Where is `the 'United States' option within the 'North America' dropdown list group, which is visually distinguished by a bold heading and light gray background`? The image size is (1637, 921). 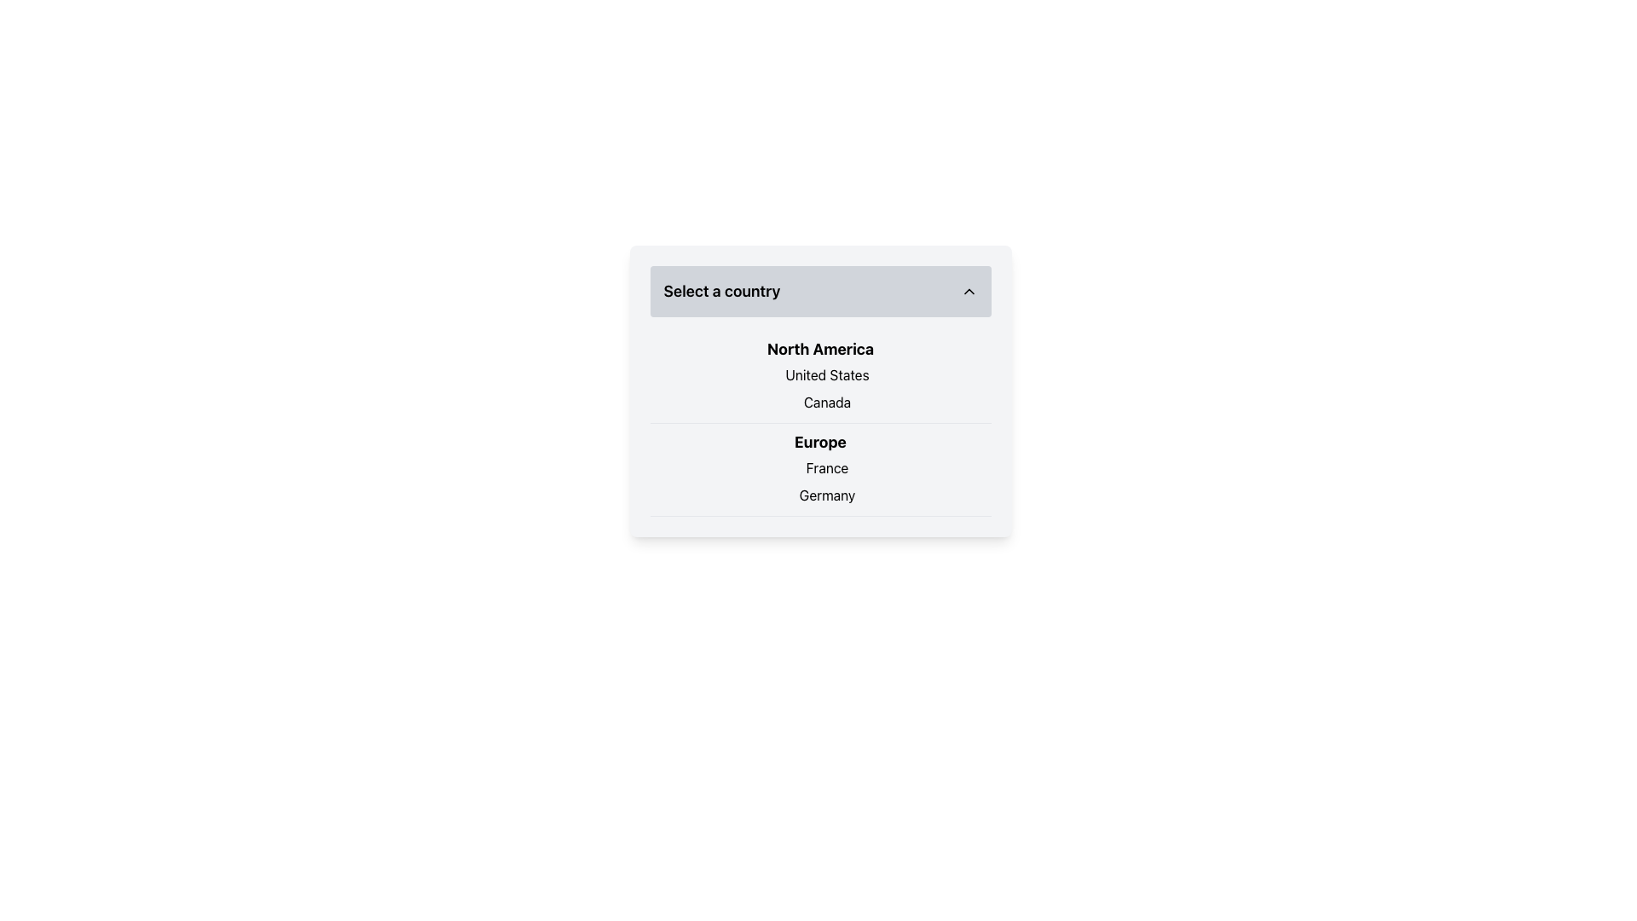 the 'United States' option within the 'North America' dropdown list group, which is visually distinguished by a bold heading and light gray background is located at coordinates (820, 376).